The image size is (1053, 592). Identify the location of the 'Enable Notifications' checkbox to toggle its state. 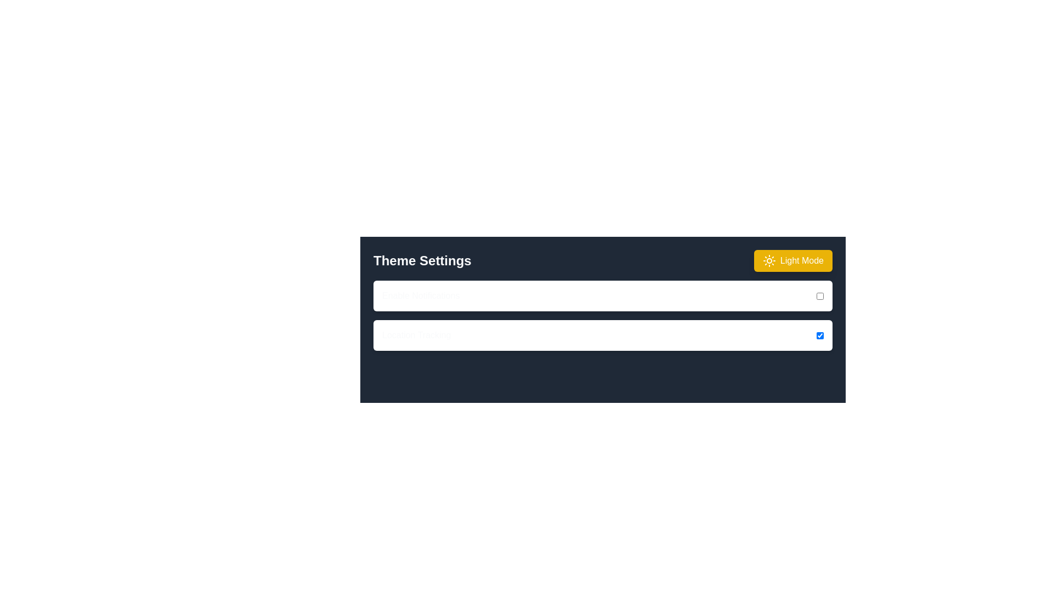
(820, 296).